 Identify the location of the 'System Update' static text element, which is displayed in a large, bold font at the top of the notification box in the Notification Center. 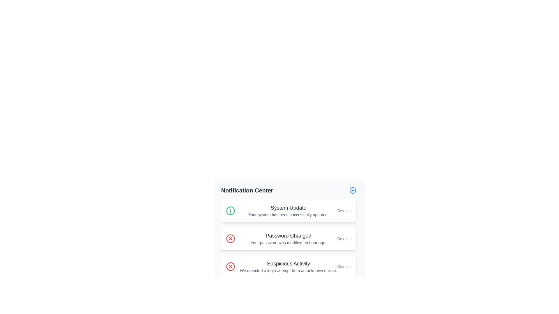
(288, 207).